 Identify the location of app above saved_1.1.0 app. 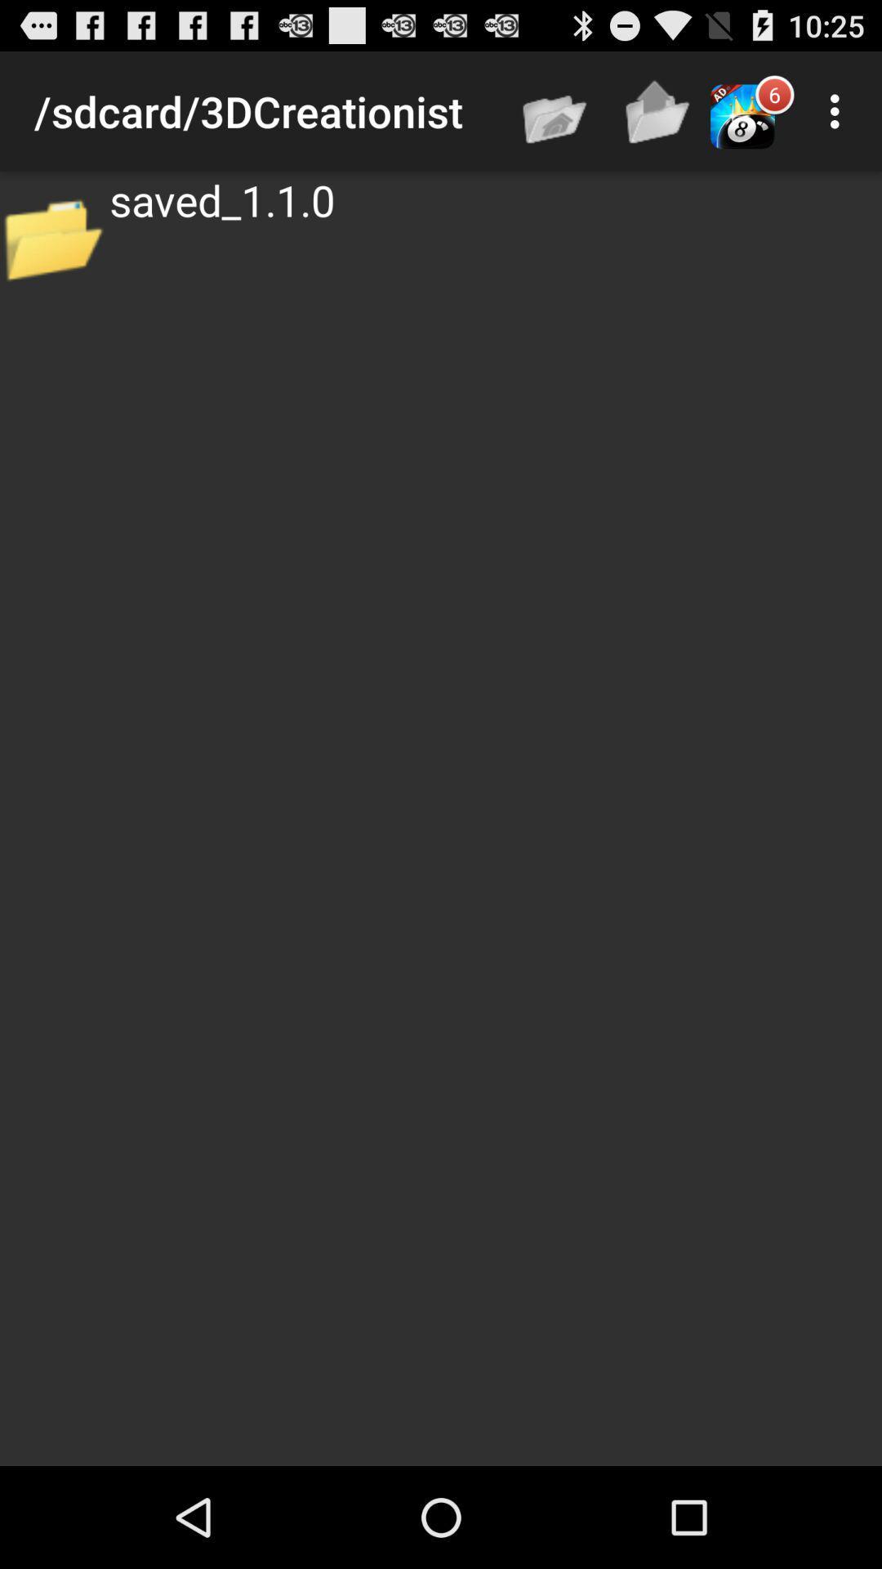
(555, 110).